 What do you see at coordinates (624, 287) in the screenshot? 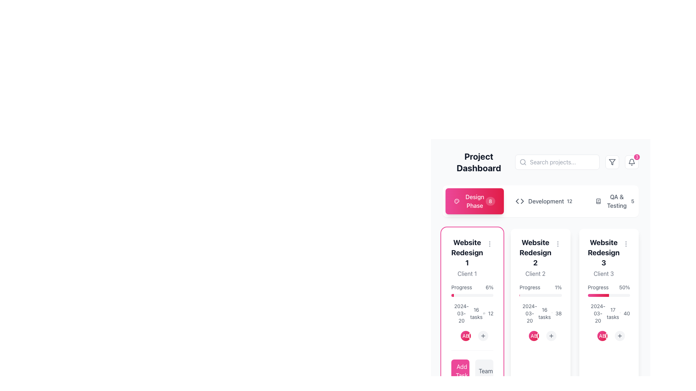
I see `the static text label displaying '50%' in gray font, indicating progress percentage, which is part of the card labeled 'Website Redesign 3'` at bounding box center [624, 287].